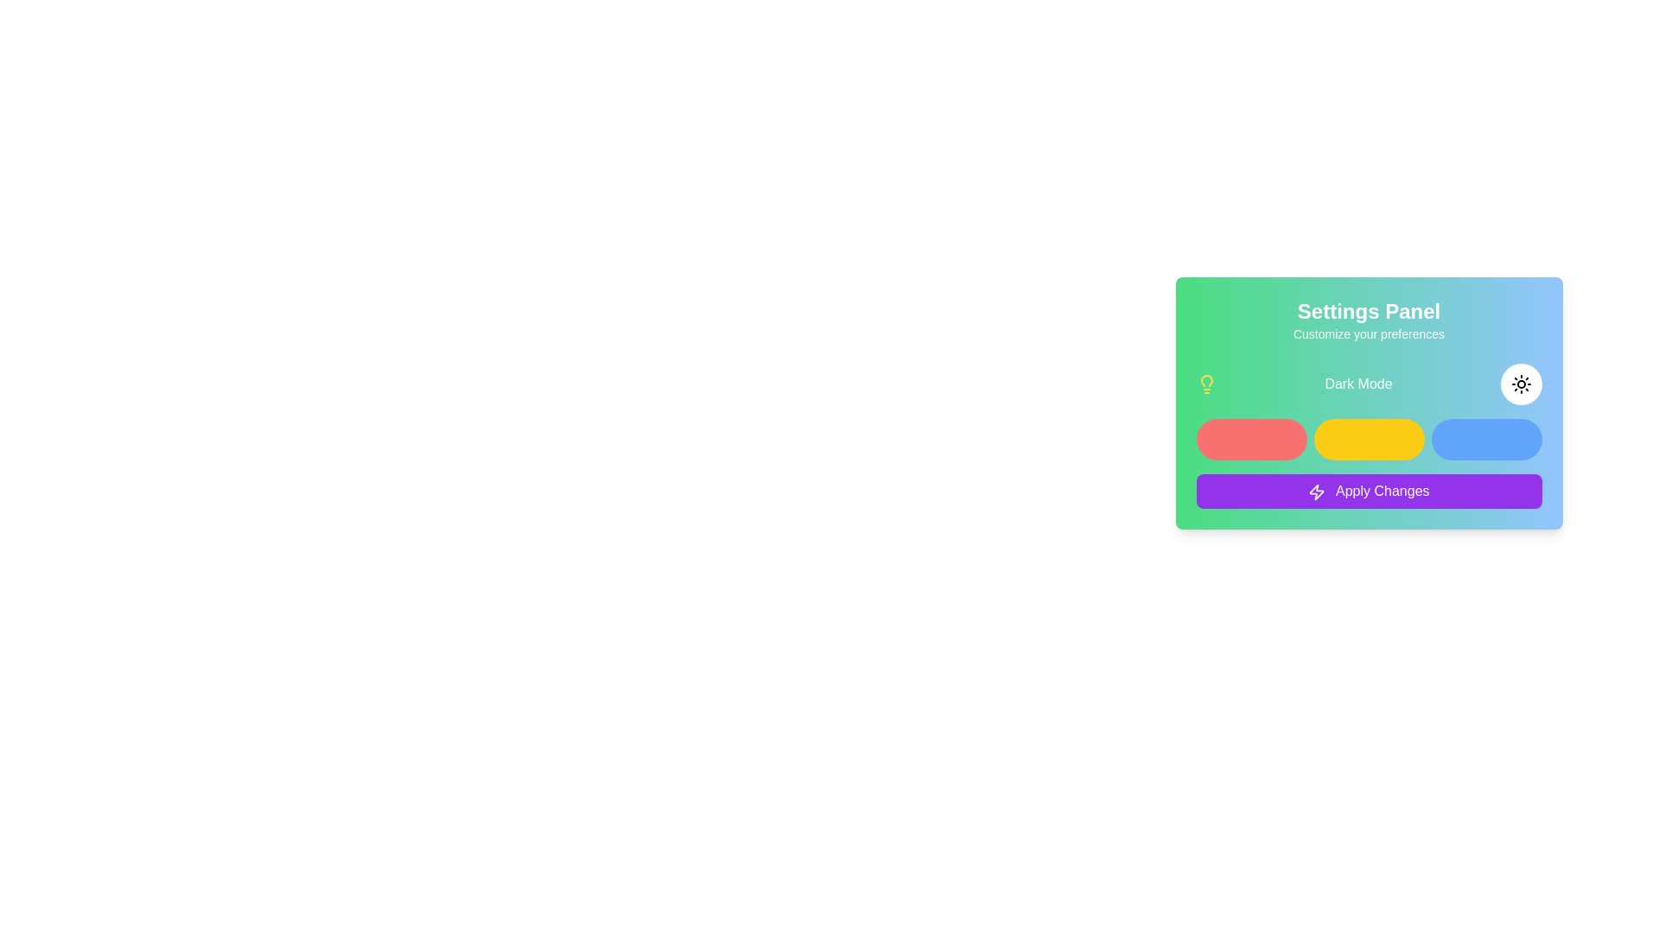 Image resolution: width=1659 pixels, height=933 pixels. Describe the element at coordinates (1368, 320) in the screenshot. I see `text displayed in the 'Settings Panel' which includes the title 'Settings Panel' and the subtitle 'Customize your preferences'` at that location.